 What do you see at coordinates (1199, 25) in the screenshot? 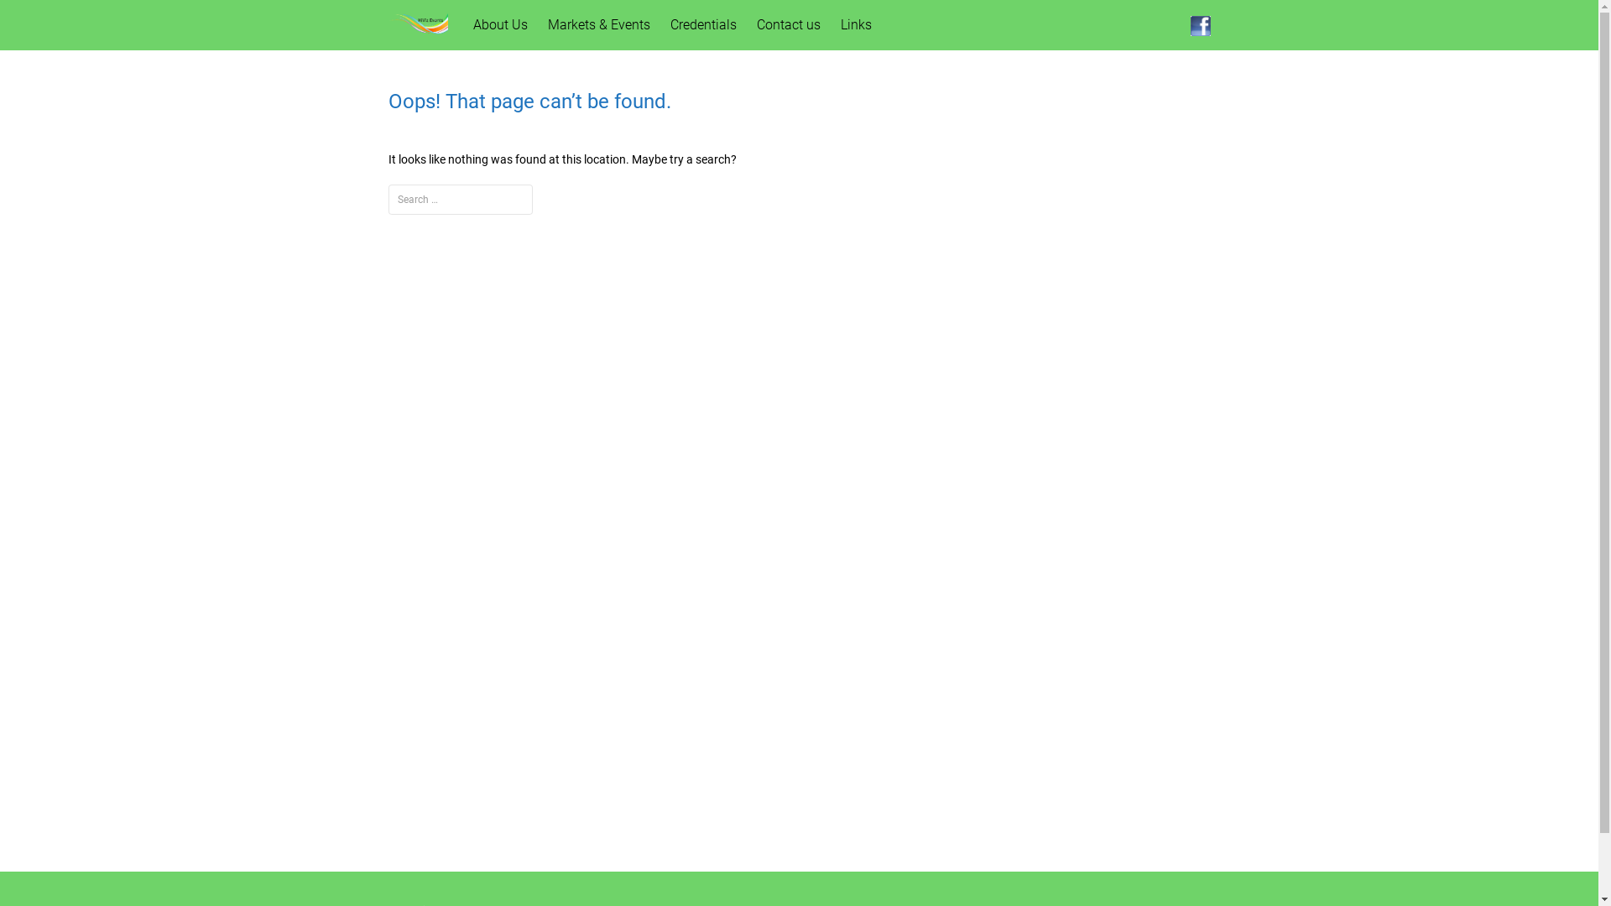
I see `'Follow Us on Facebook'` at bounding box center [1199, 25].